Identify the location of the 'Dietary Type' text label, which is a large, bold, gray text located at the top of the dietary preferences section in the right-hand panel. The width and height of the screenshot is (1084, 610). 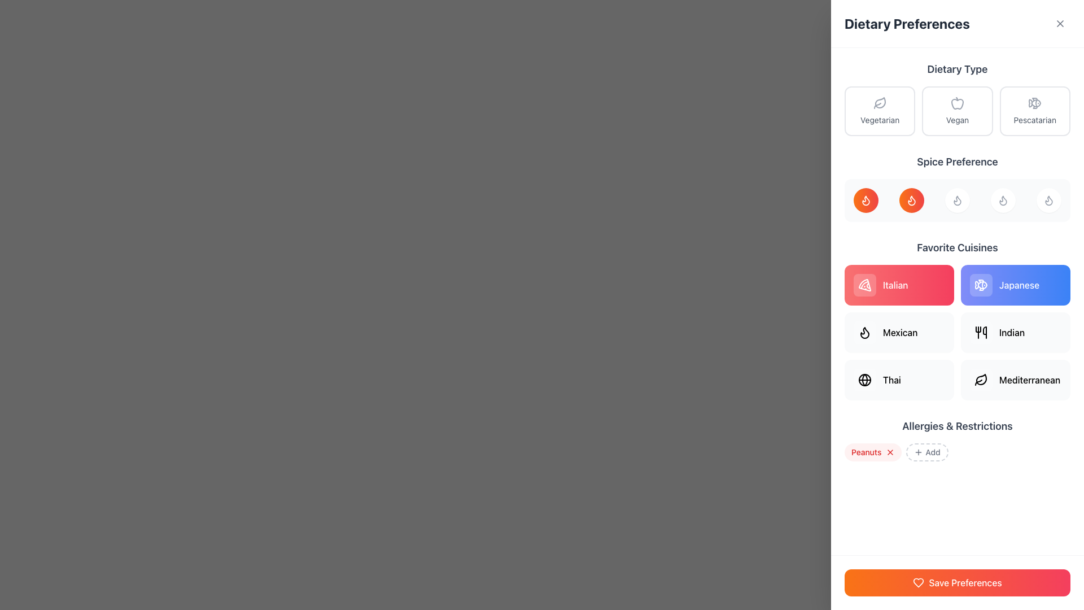
(956, 69).